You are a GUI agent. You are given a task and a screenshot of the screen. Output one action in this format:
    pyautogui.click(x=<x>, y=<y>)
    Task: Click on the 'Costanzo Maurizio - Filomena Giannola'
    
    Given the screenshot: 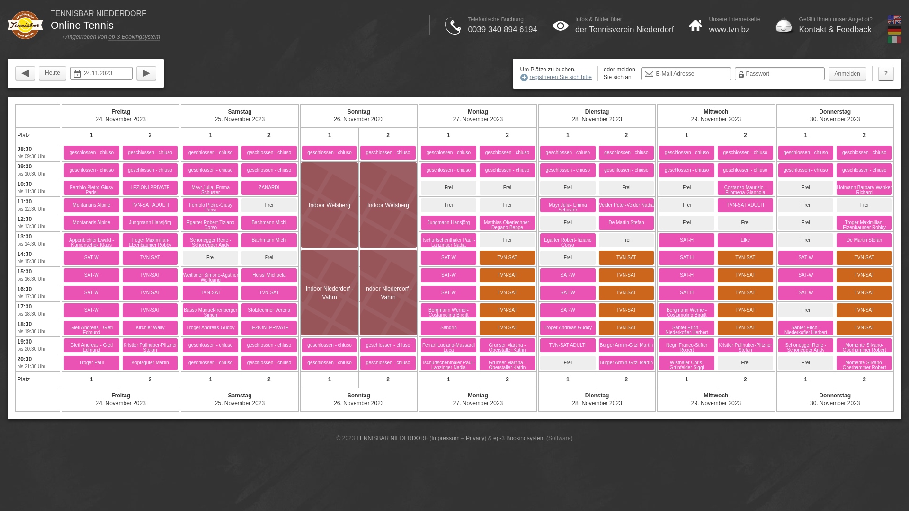 What is the action you would take?
    pyautogui.click(x=745, y=188)
    